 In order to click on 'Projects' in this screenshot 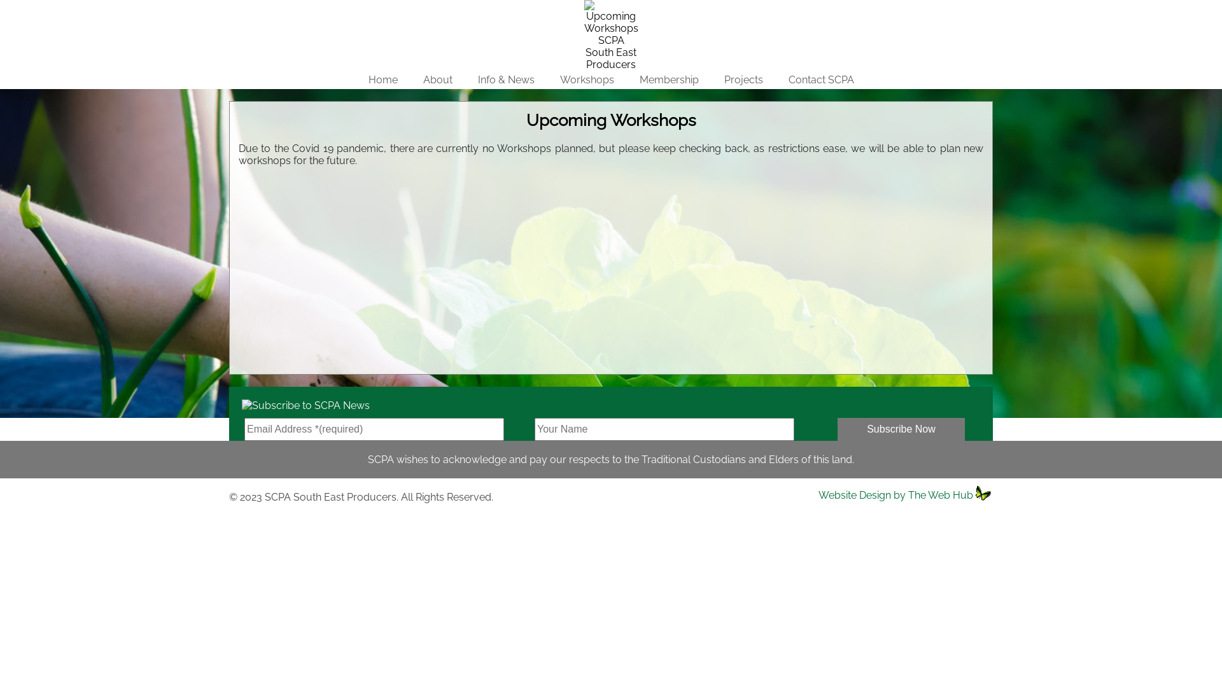, I will do `click(743, 80)`.